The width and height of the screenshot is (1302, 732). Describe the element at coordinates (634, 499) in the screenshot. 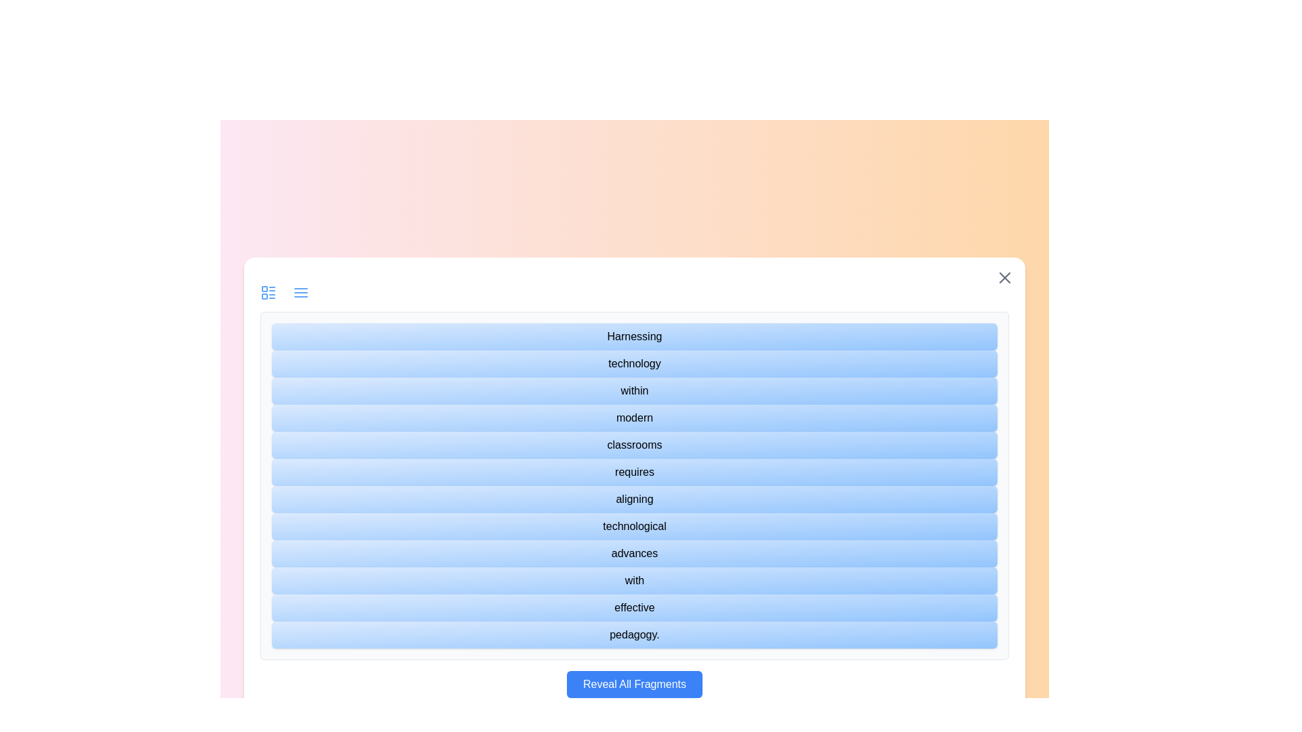

I see `the text fragment labeled 'aligning'` at that location.